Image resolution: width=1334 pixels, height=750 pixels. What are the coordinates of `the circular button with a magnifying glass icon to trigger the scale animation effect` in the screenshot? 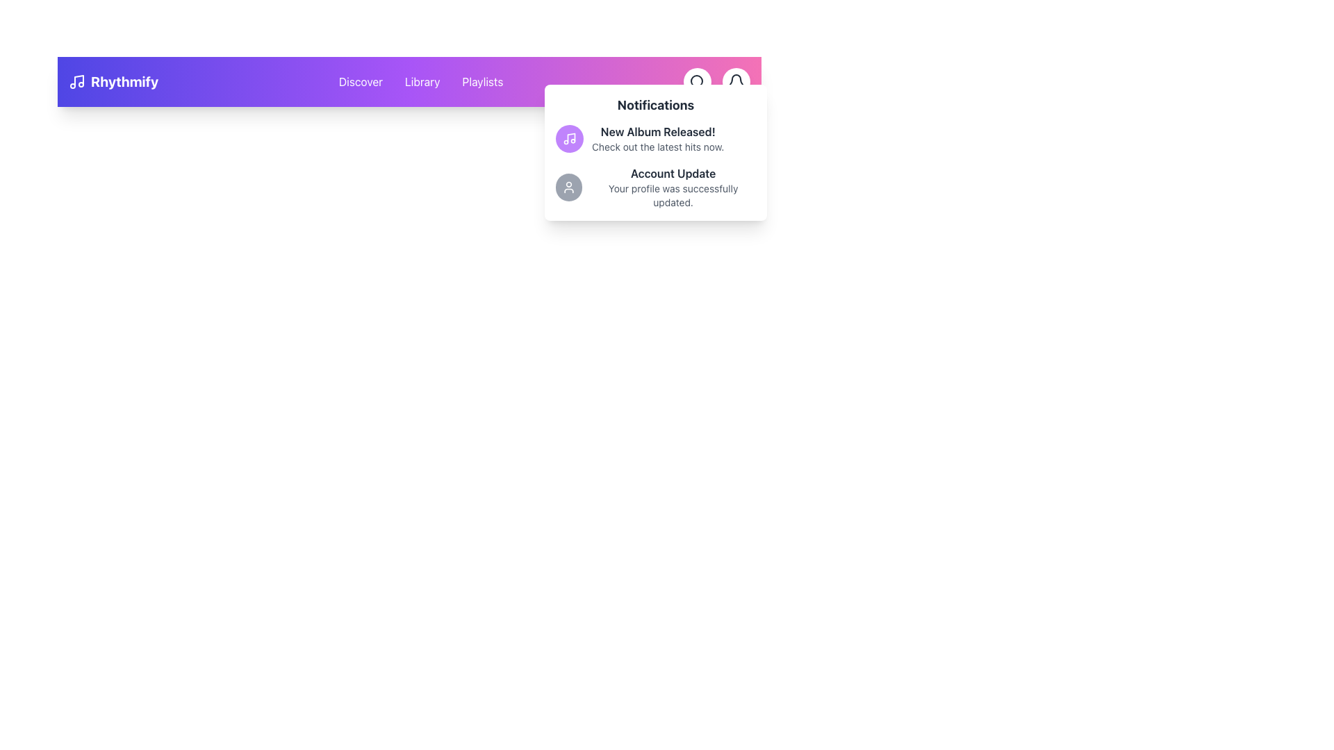 It's located at (697, 82).